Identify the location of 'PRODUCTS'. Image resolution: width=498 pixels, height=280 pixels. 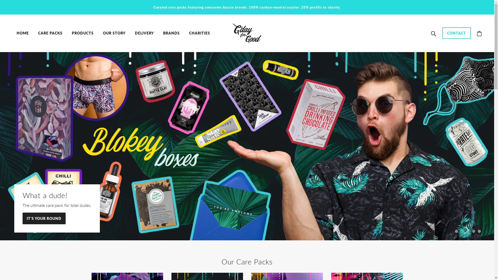
(82, 33).